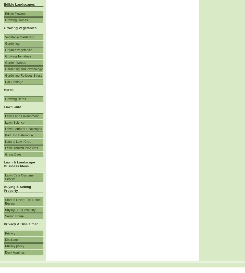 The image size is (245, 273). What do you see at coordinates (16, 20) in the screenshot?
I see `'Growing Grapes'` at bounding box center [16, 20].